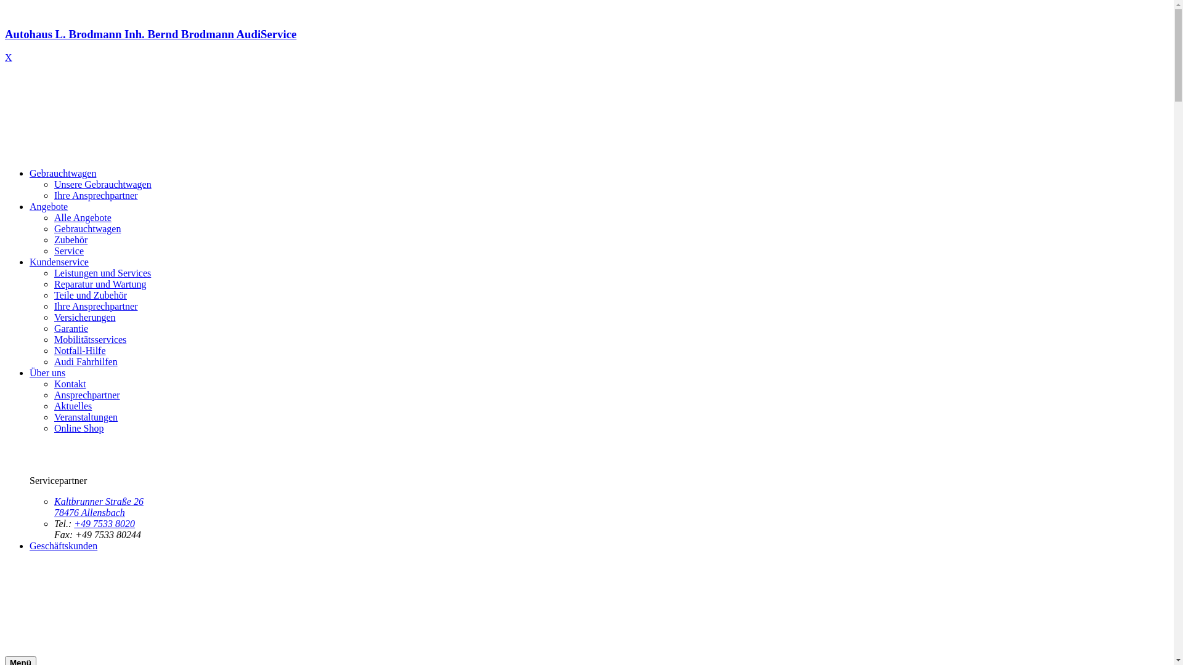  What do you see at coordinates (72, 406) in the screenshot?
I see `'Aktuelles'` at bounding box center [72, 406].